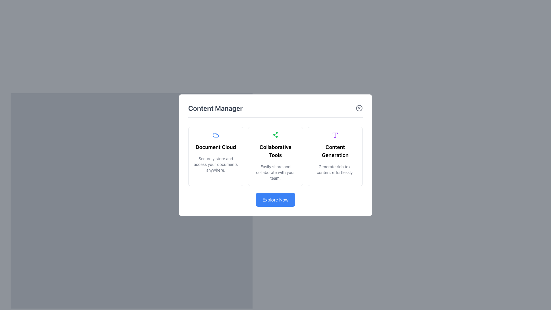 The width and height of the screenshot is (551, 310). What do you see at coordinates (335, 151) in the screenshot?
I see `the 'Content Generation' text label, which is centrally aligned within the third card under the 'Content Manager' heading` at bounding box center [335, 151].